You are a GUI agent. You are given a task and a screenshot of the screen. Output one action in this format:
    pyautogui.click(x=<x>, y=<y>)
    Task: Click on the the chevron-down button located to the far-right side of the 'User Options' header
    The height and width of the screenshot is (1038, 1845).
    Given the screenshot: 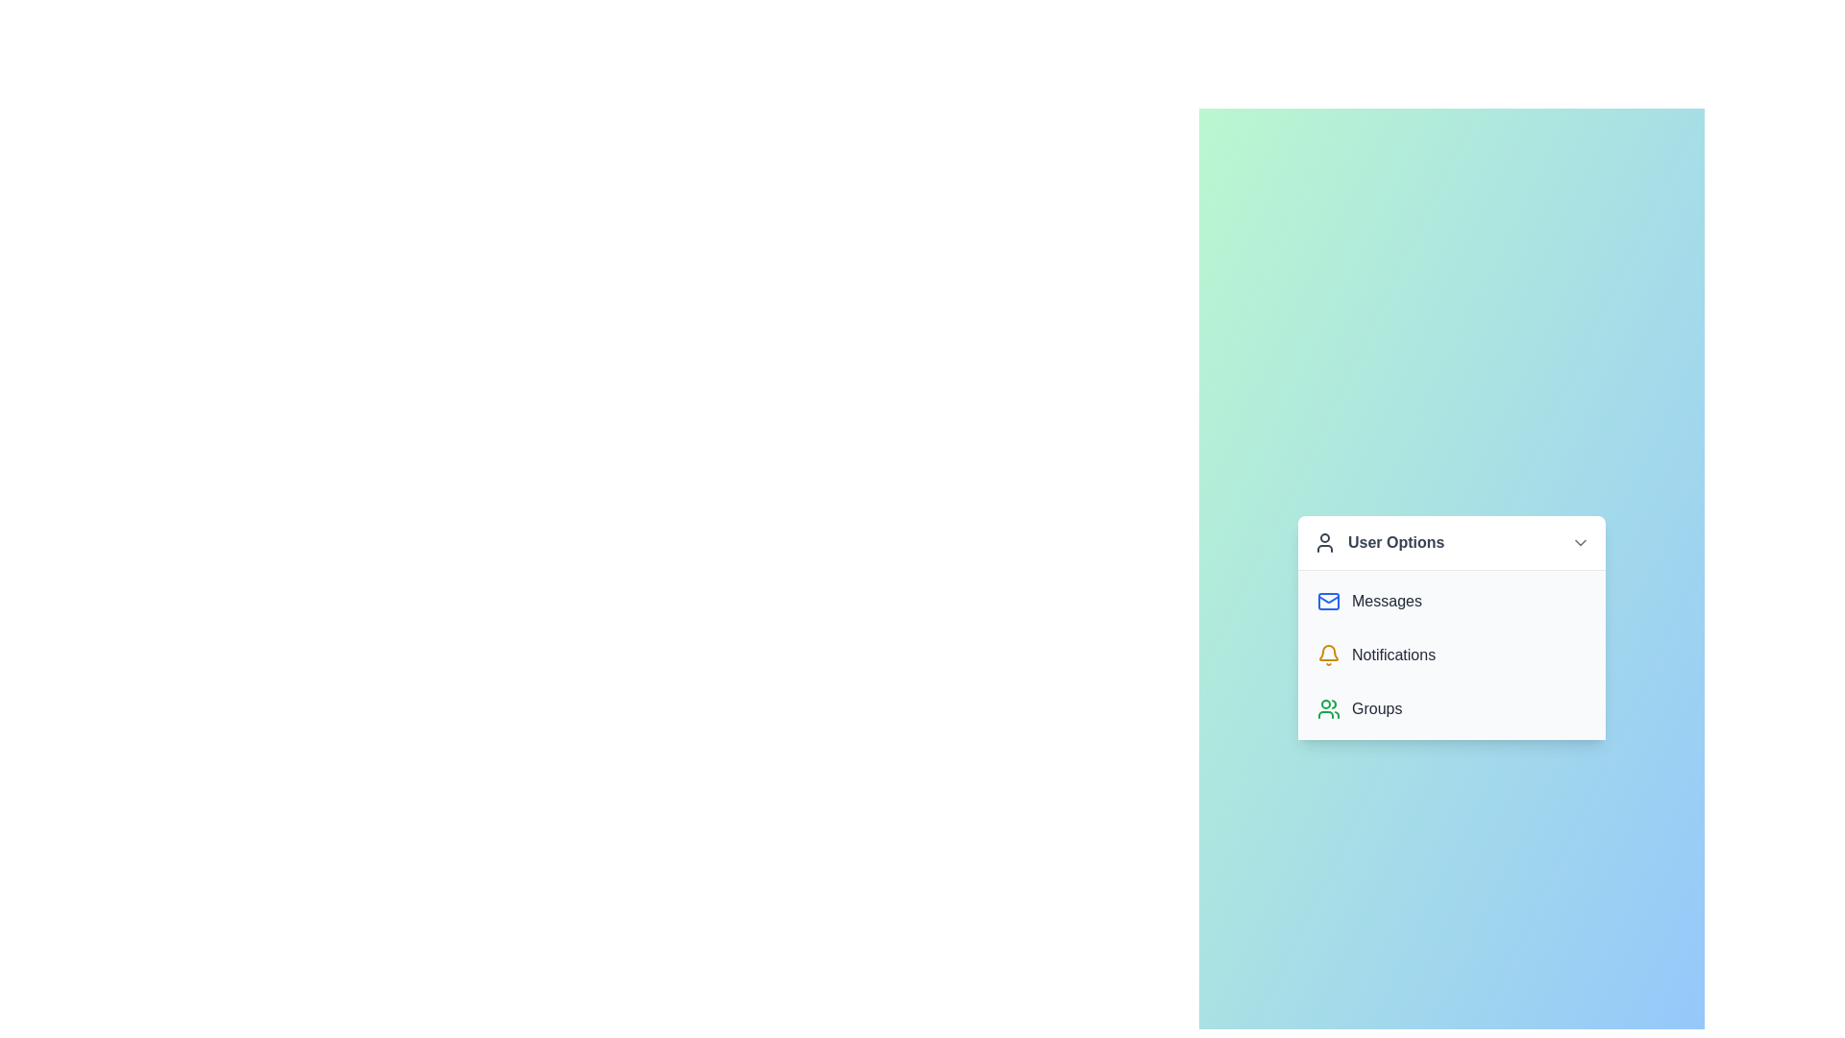 What is the action you would take?
    pyautogui.click(x=1581, y=541)
    